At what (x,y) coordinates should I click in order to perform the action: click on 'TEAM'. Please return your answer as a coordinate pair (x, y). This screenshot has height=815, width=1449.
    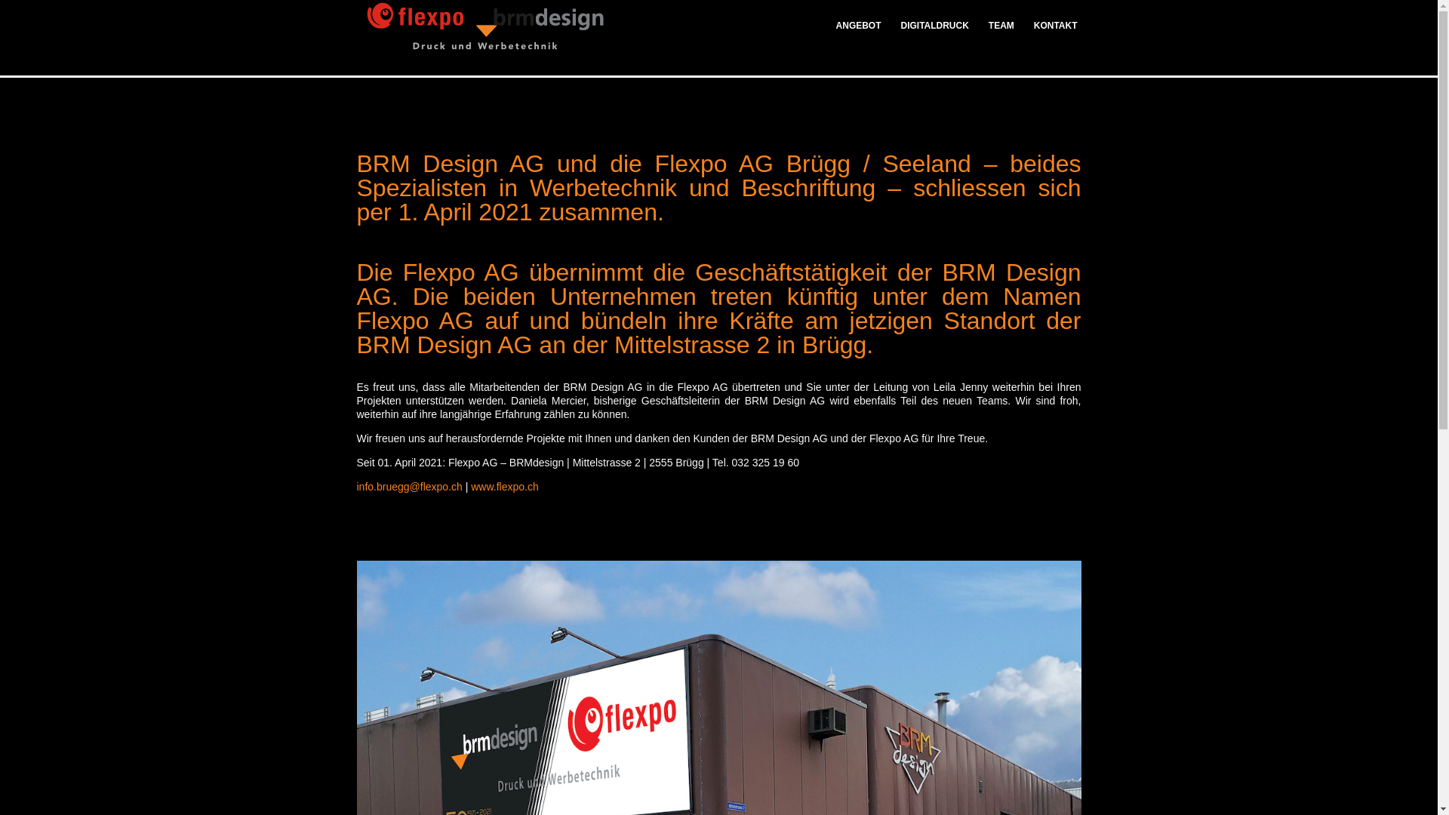
    Looking at the image, I should click on (1001, 36).